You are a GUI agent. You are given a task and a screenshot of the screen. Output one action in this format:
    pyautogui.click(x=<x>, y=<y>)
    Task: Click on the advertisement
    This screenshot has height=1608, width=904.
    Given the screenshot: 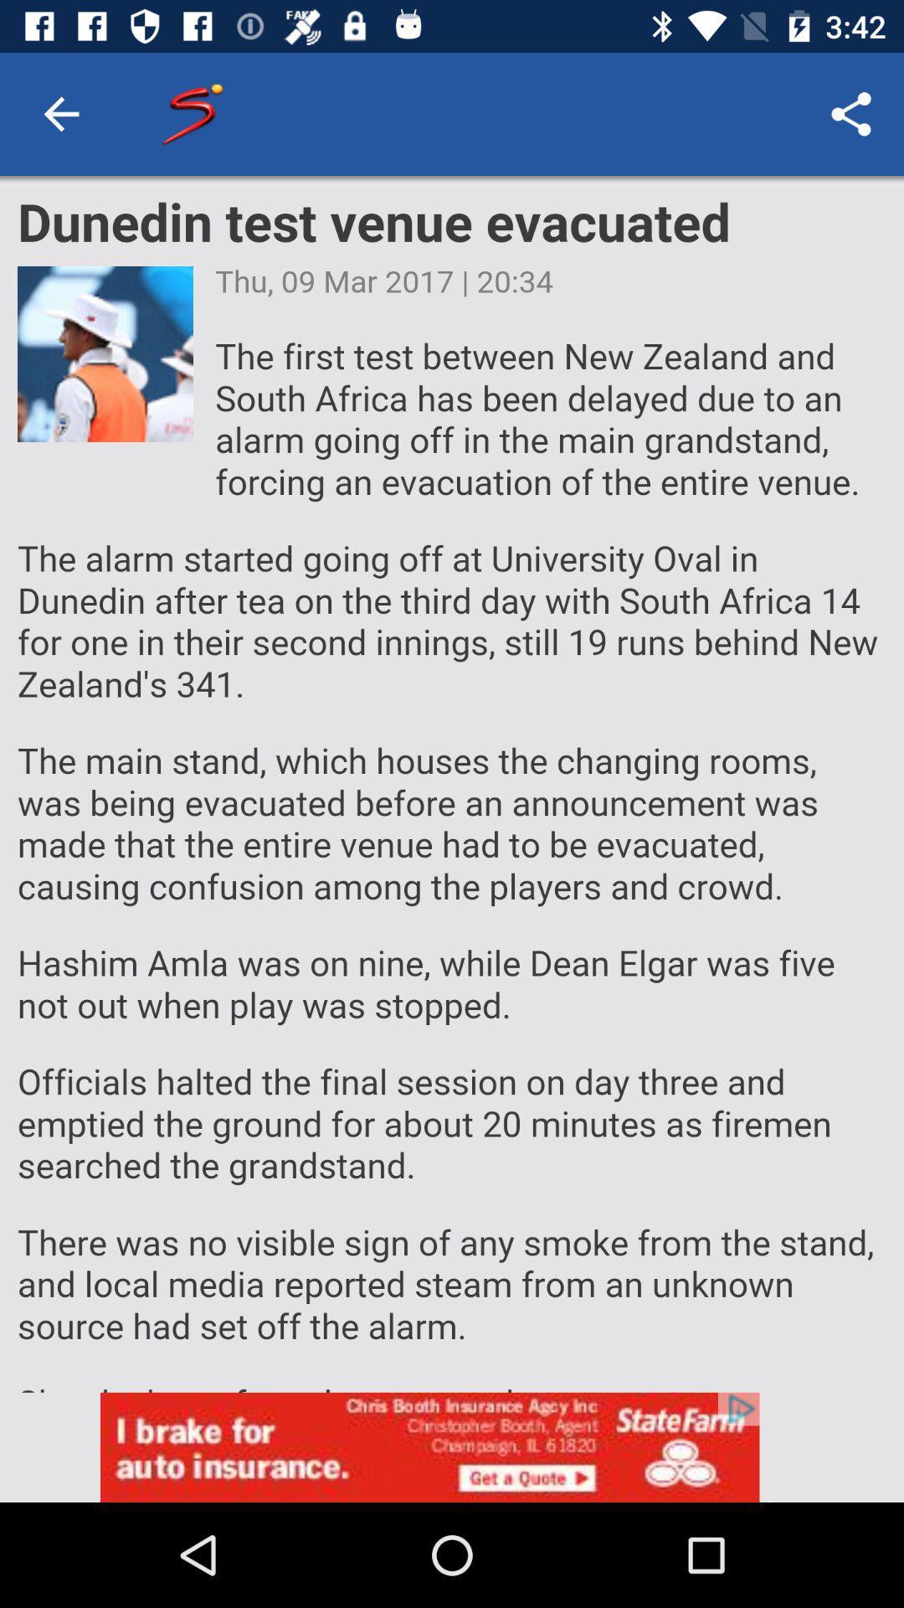 What is the action you would take?
    pyautogui.click(x=452, y=1446)
    